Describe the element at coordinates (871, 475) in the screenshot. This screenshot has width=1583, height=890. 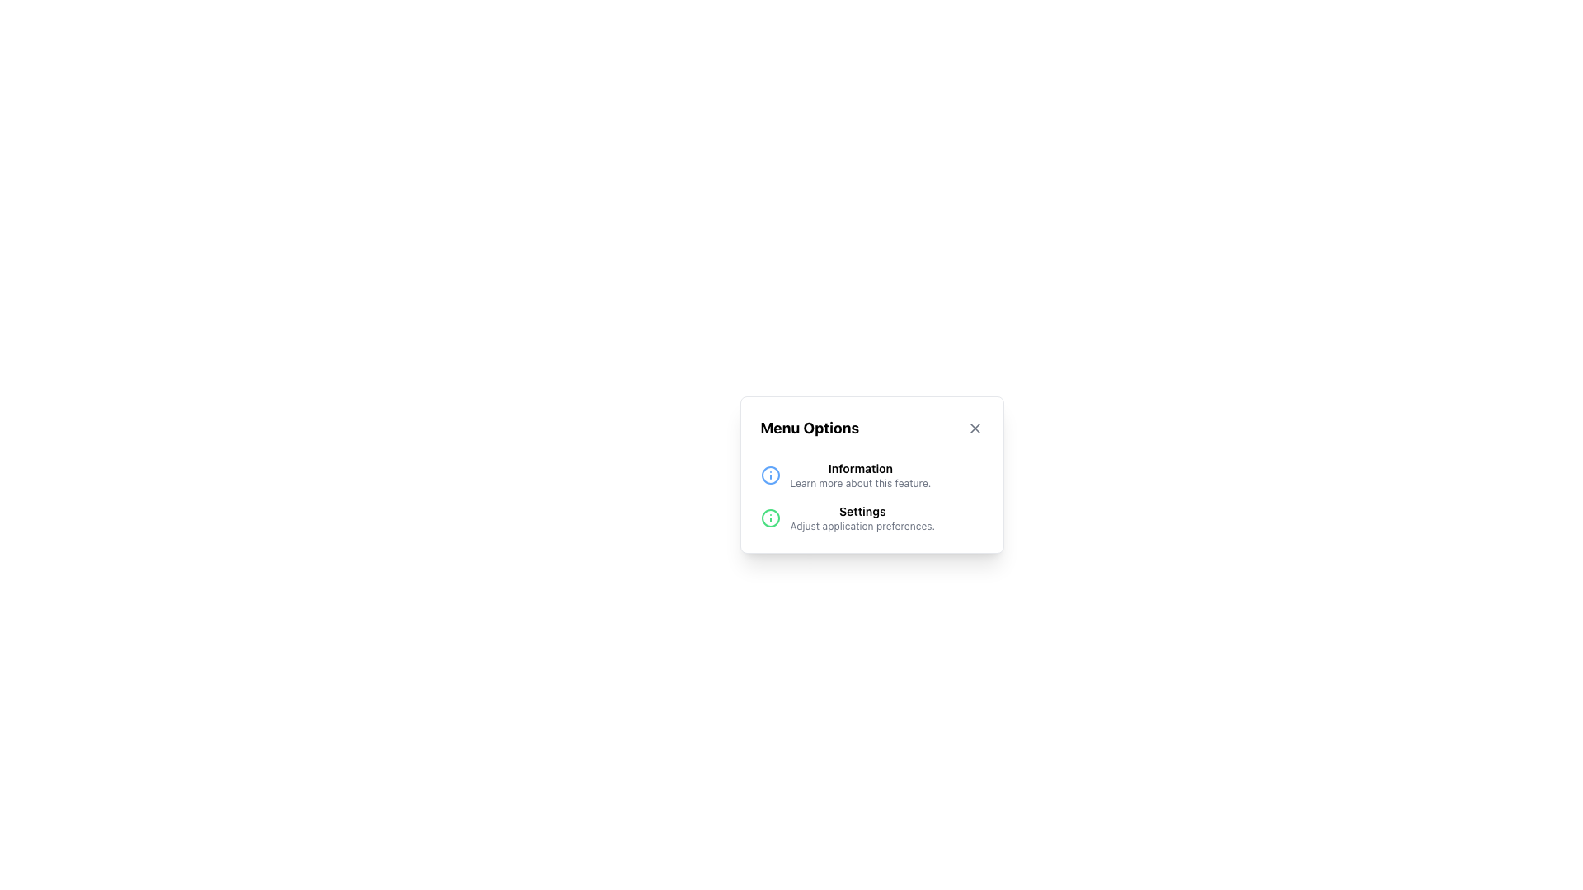
I see `the Informational Text Block, which consists of a blue circular 'i' icon, the bolded title 'Information', and the gray description 'Learn more about this feature'` at that location.